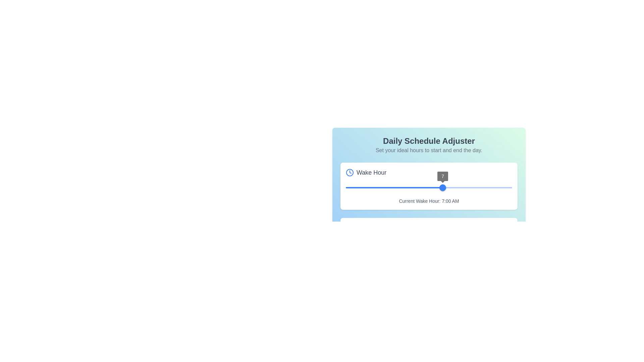 This screenshot has height=362, width=644. What do you see at coordinates (428, 172) in the screenshot?
I see `the 'Wake Hour' label with a blue clock icon located in the upper section of the white card, positioned to the left of the slider and above the subtitle 'Current Wake Hour: 7:00 AM'` at bounding box center [428, 172].